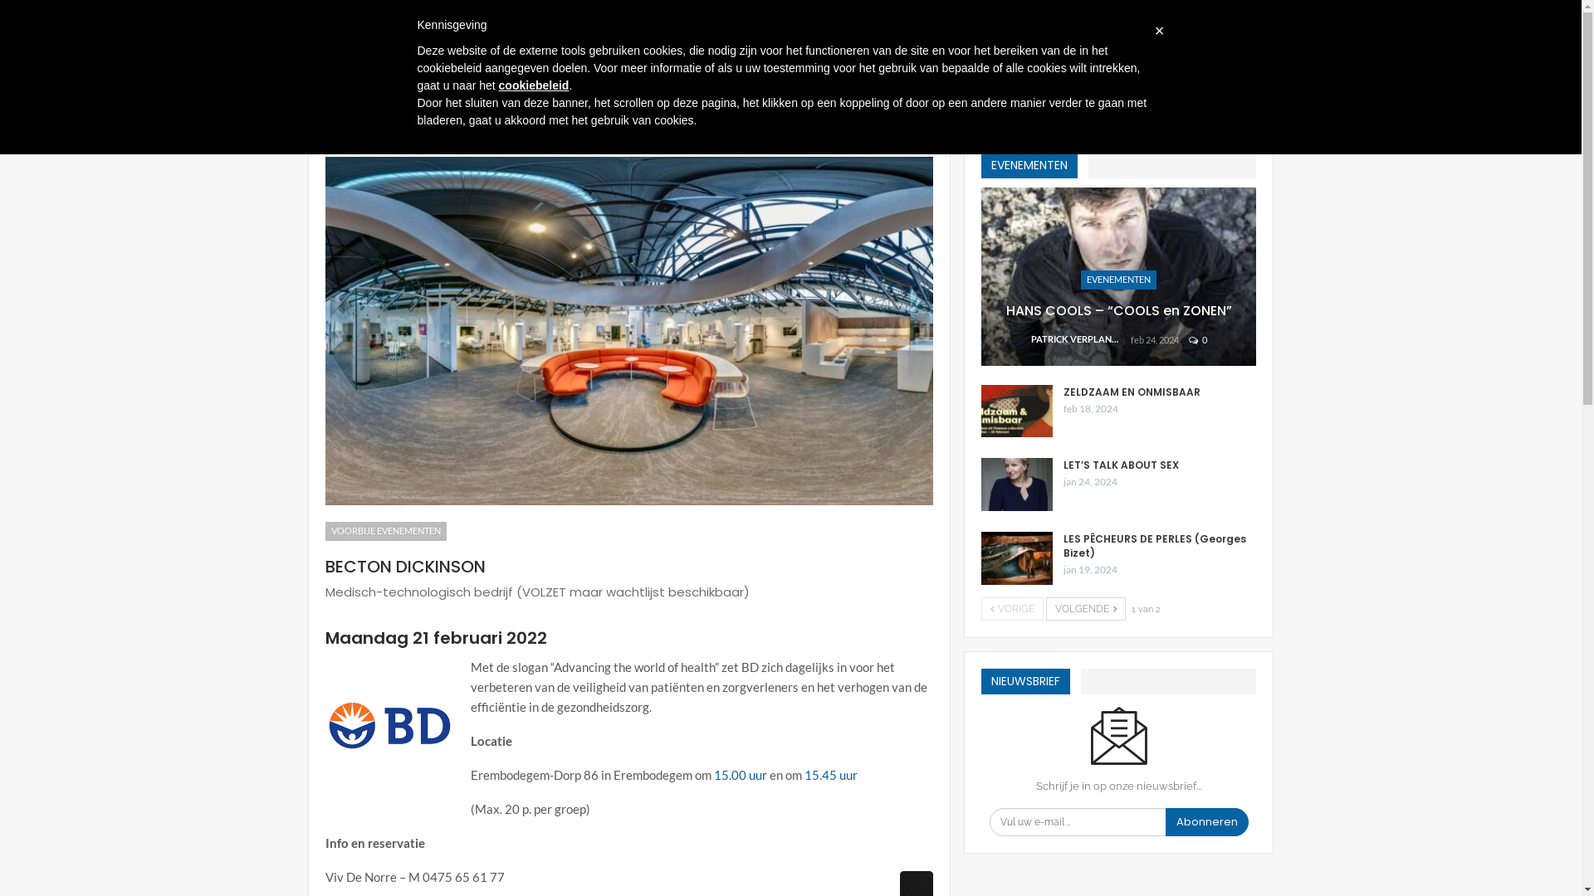 This screenshot has width=1594, height=896. Describe the element at coordinates (1044, 608) in the screenshot. I see `'VOLGENDE'` at that location.